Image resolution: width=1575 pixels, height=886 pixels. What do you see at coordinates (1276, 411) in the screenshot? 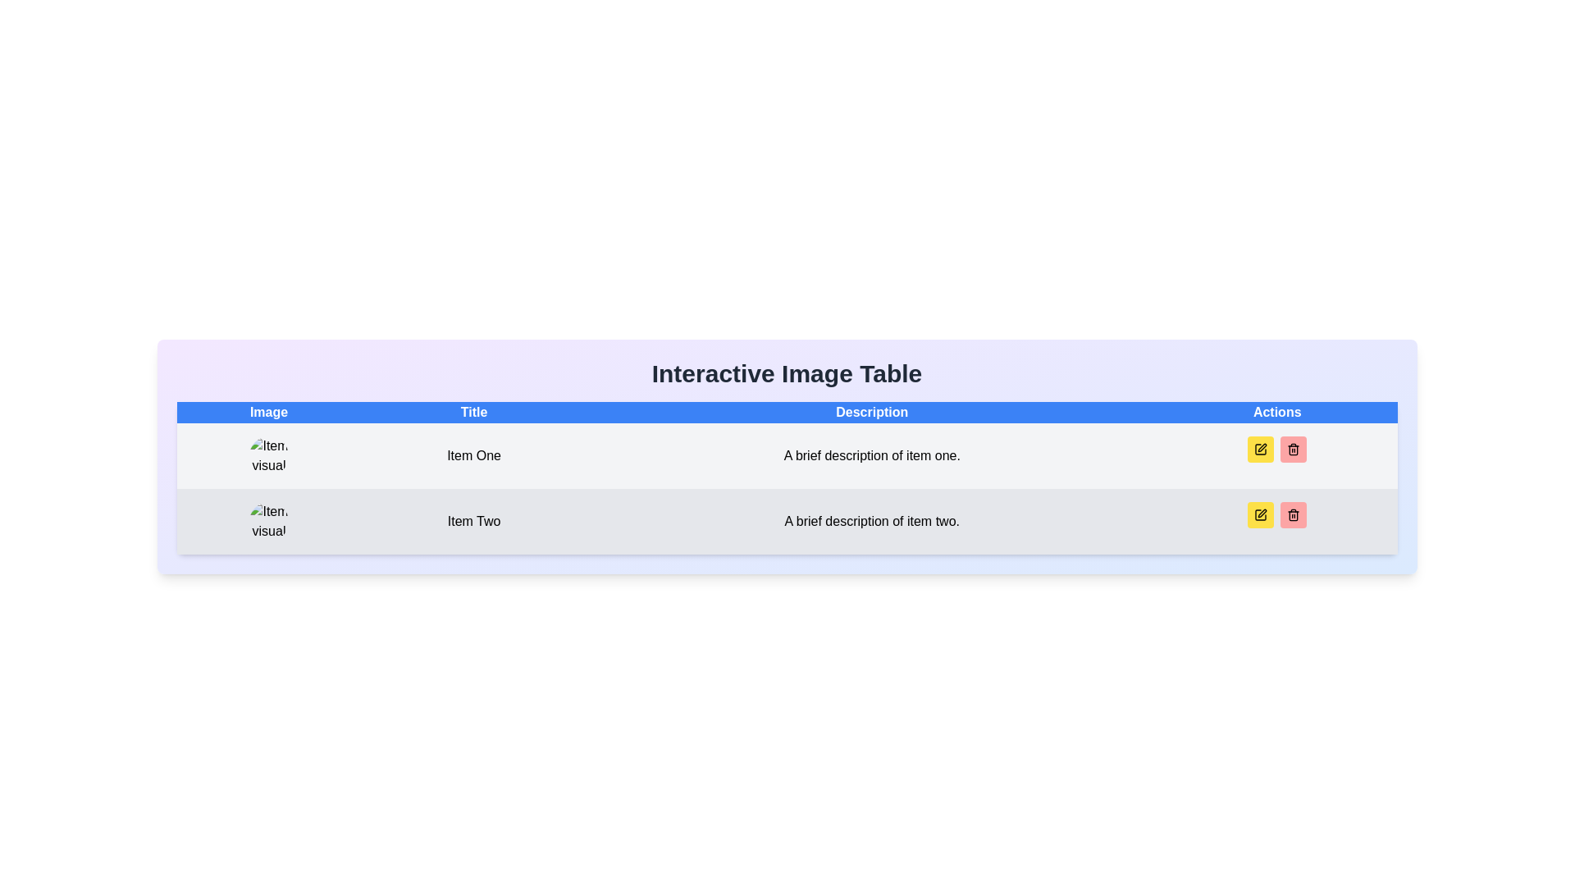
I see `the header text label for the 'Actions' column in the table, which is located in the fourth column after 'Image', 'Title', and 'Description'` at bounding box center [1276, 411].